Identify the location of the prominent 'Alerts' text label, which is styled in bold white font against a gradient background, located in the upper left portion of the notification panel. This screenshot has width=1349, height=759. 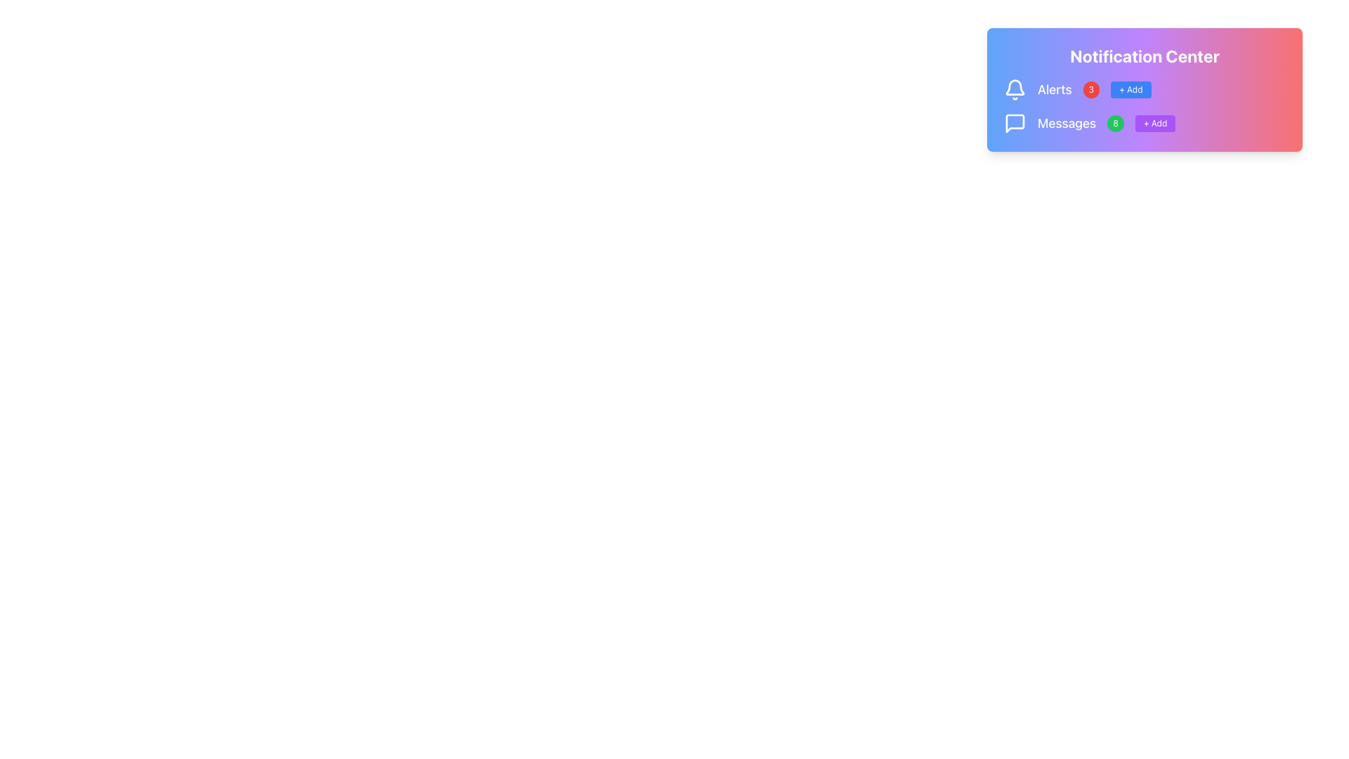
(1055, 89).